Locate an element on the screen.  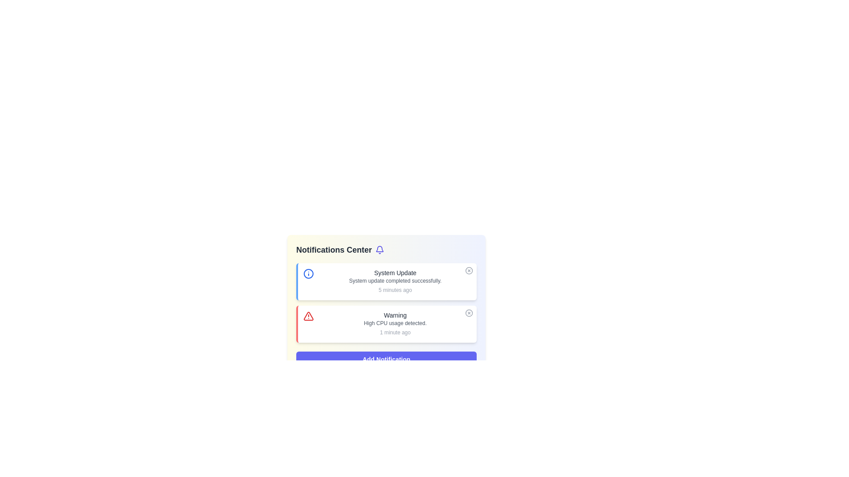
the circular decorative SVG element, which is a black stroke circle centered within the close icon of the 'System Update' notification card is located at coordinates (468, 270).